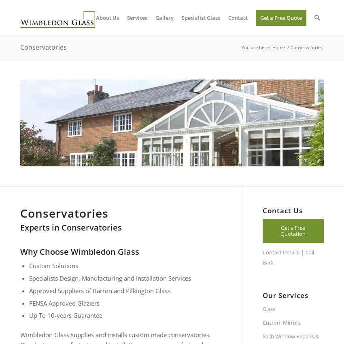  What do you see at coordinates (20, 227) in the screenshot?
I see `'Experts in Conservatories'` at bounding box center [20, 227].